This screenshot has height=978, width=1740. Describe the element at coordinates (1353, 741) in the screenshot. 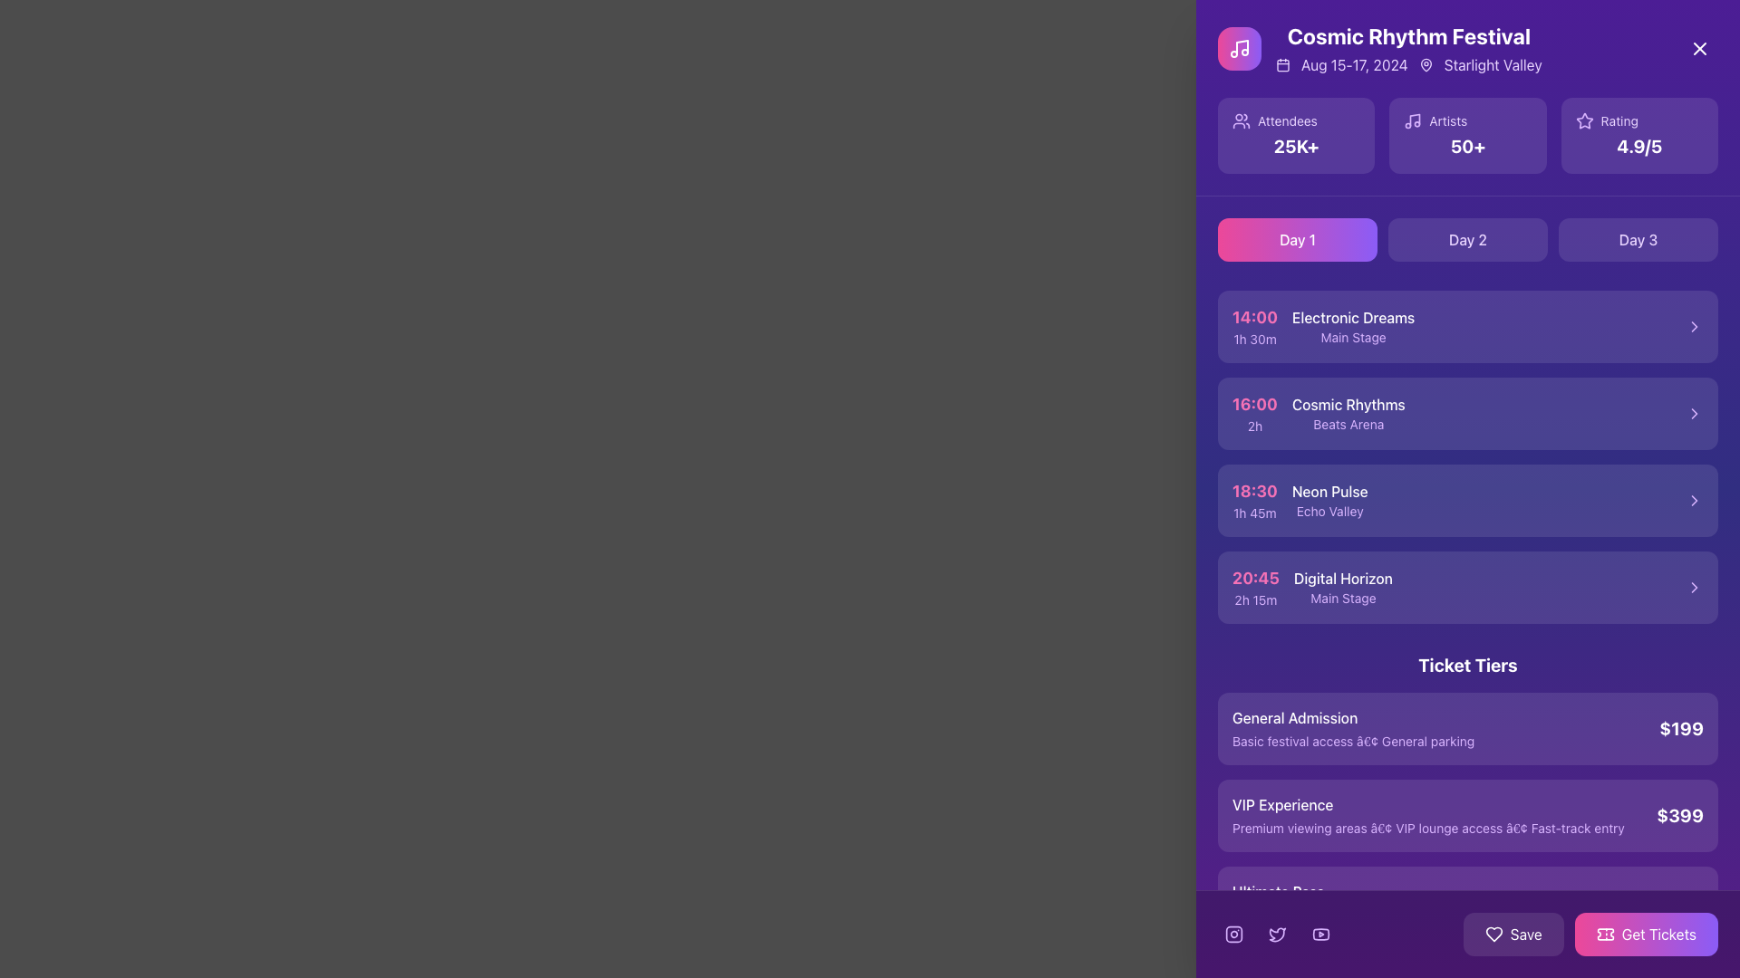

I see `the descriptive text element located below the 'General Admission' heading in the 'Ticket Tiers' section` at that location.